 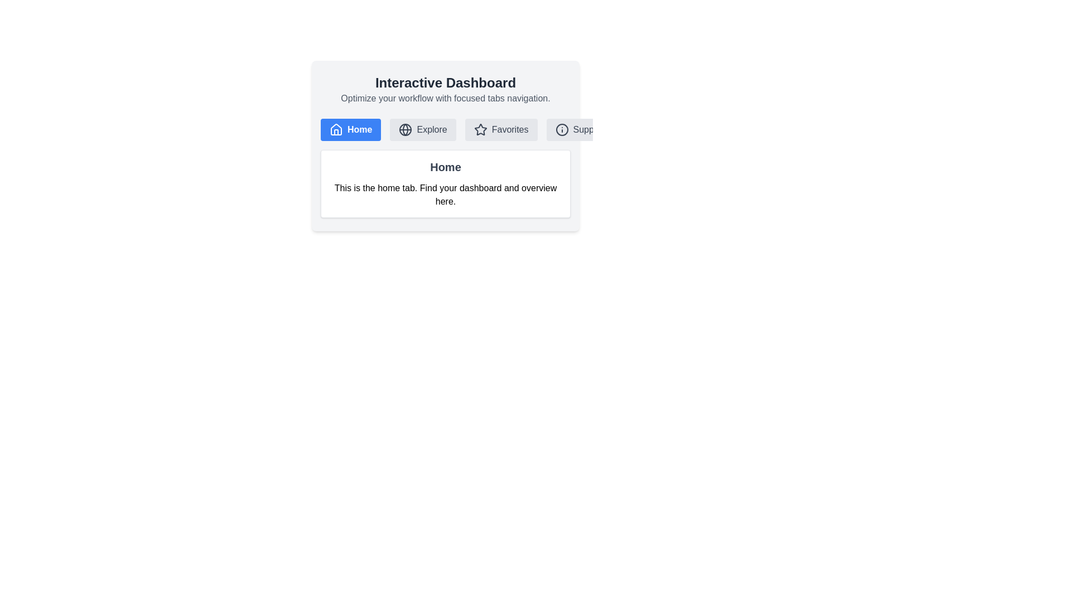 I want to click on the tab labeled Favorites to switch to it, so click(x=500, y=129).